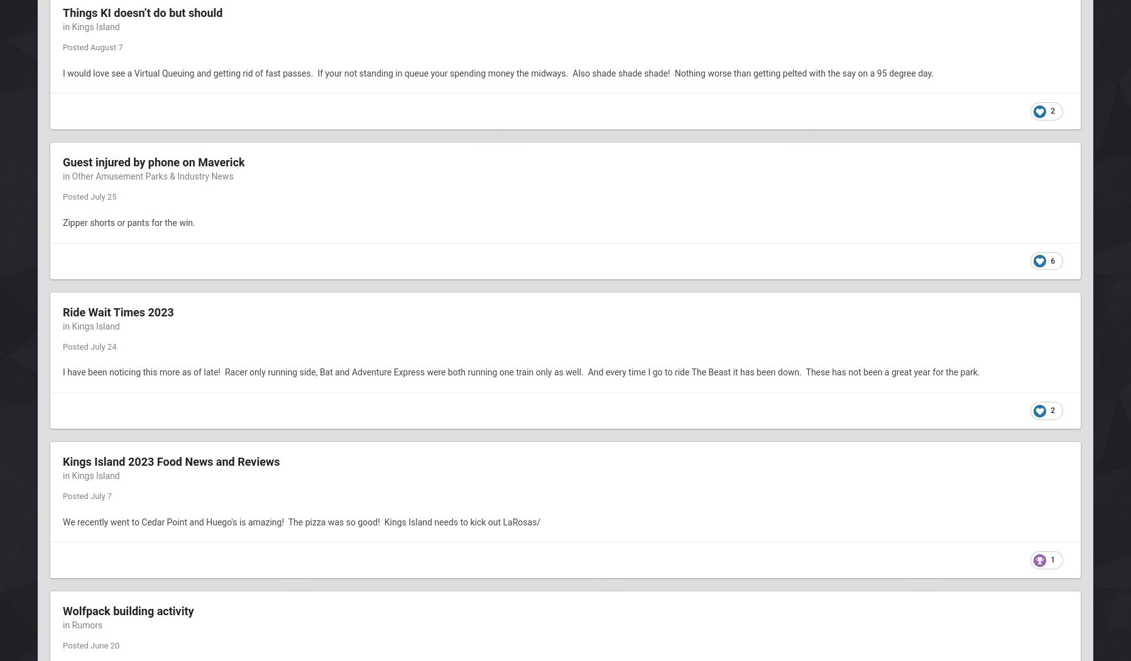 This screenshot has height=661, width=1131. I want to click on 'Ride Wait Times 2023', so click(62, 311).